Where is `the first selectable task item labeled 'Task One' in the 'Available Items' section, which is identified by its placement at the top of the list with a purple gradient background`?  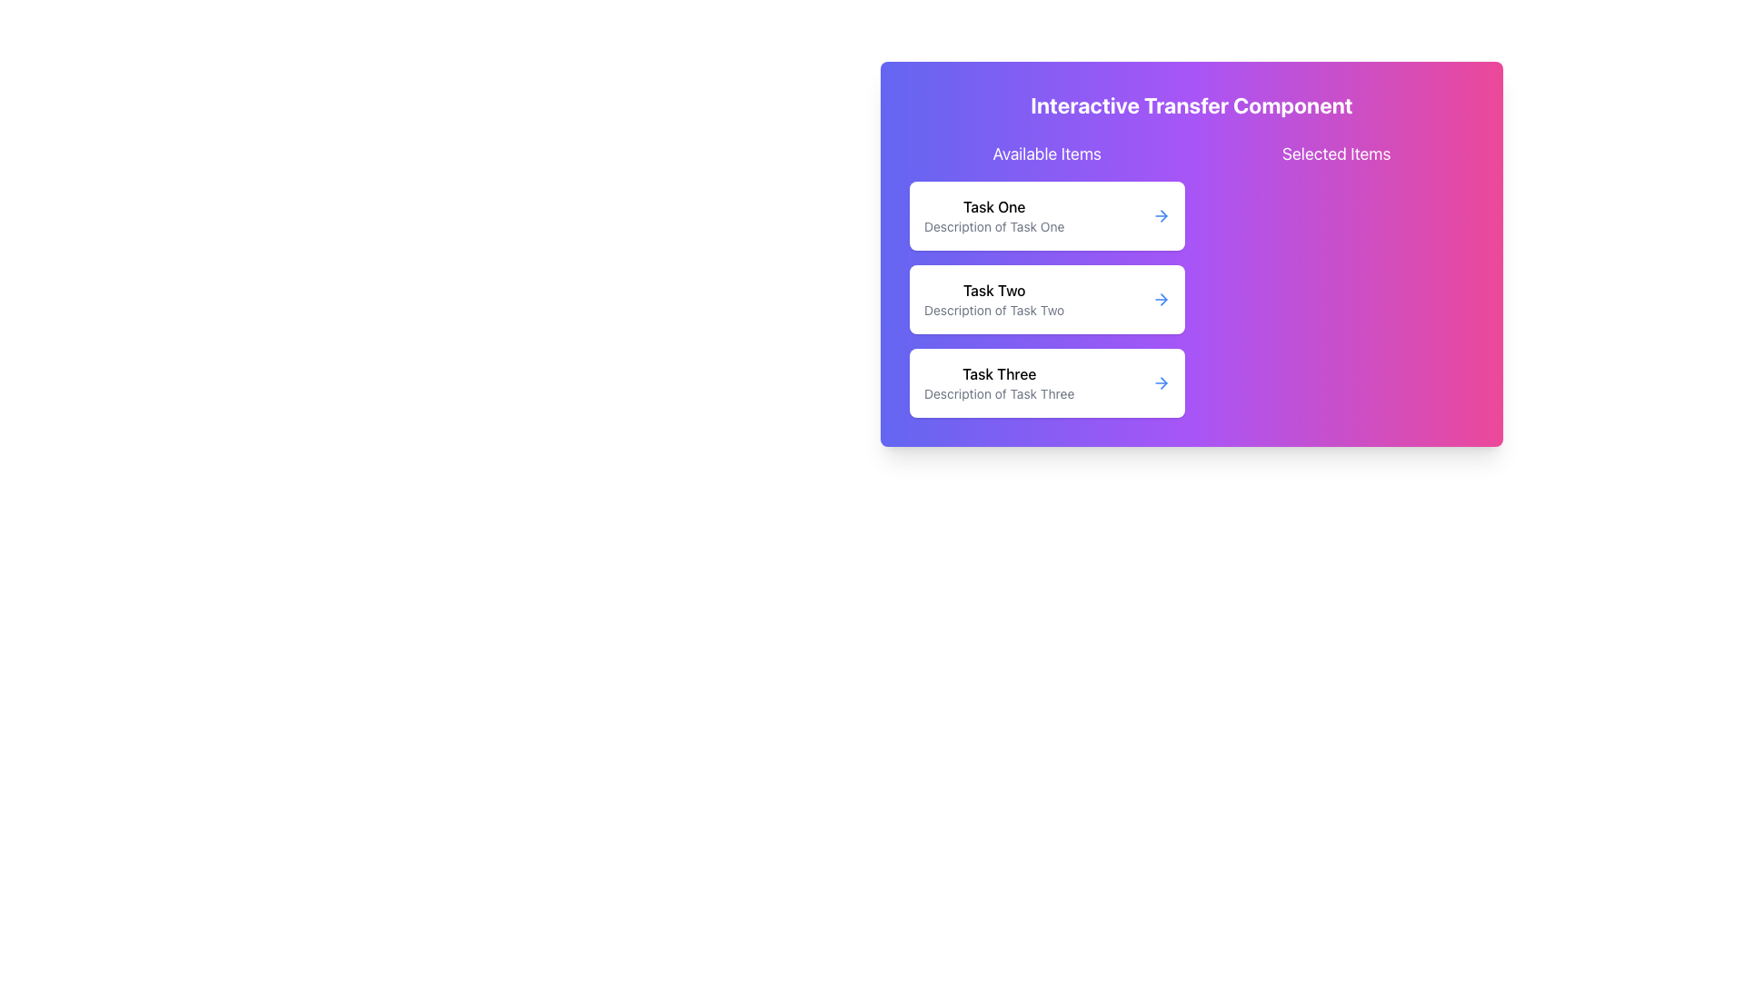
the first selectable task item labeled 'Task One' in the 'Available Items' section, which is identified by its placement at the top of the list with a purple gradient background is located at coordinates (1047, 215).